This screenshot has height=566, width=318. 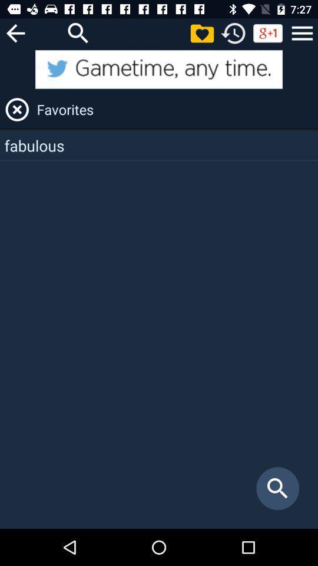 I want to click on twitter page, so click(x=159, y=69).